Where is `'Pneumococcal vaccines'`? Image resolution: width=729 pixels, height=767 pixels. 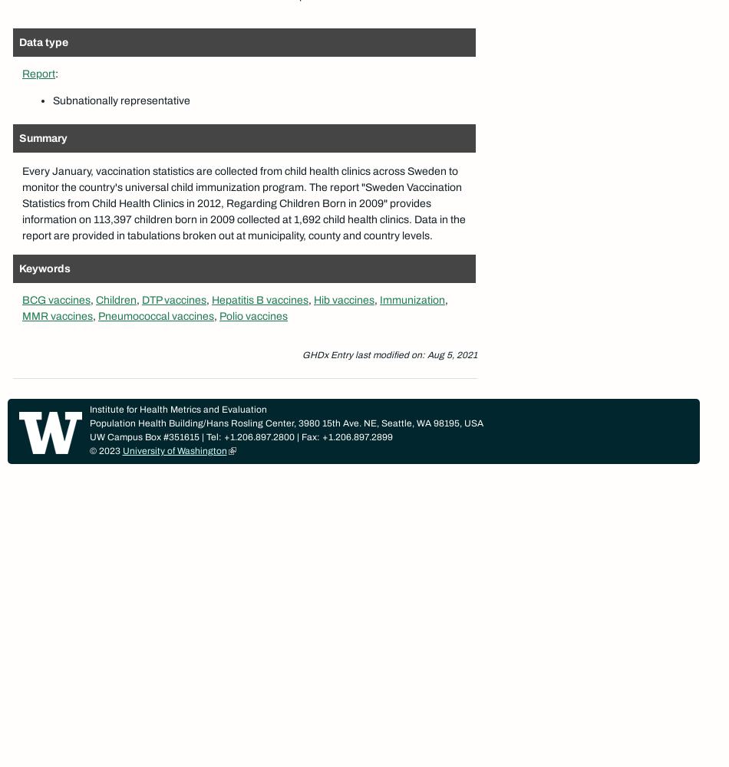
'Pneumococcal vaccines' is located at coordinates (156, 316).